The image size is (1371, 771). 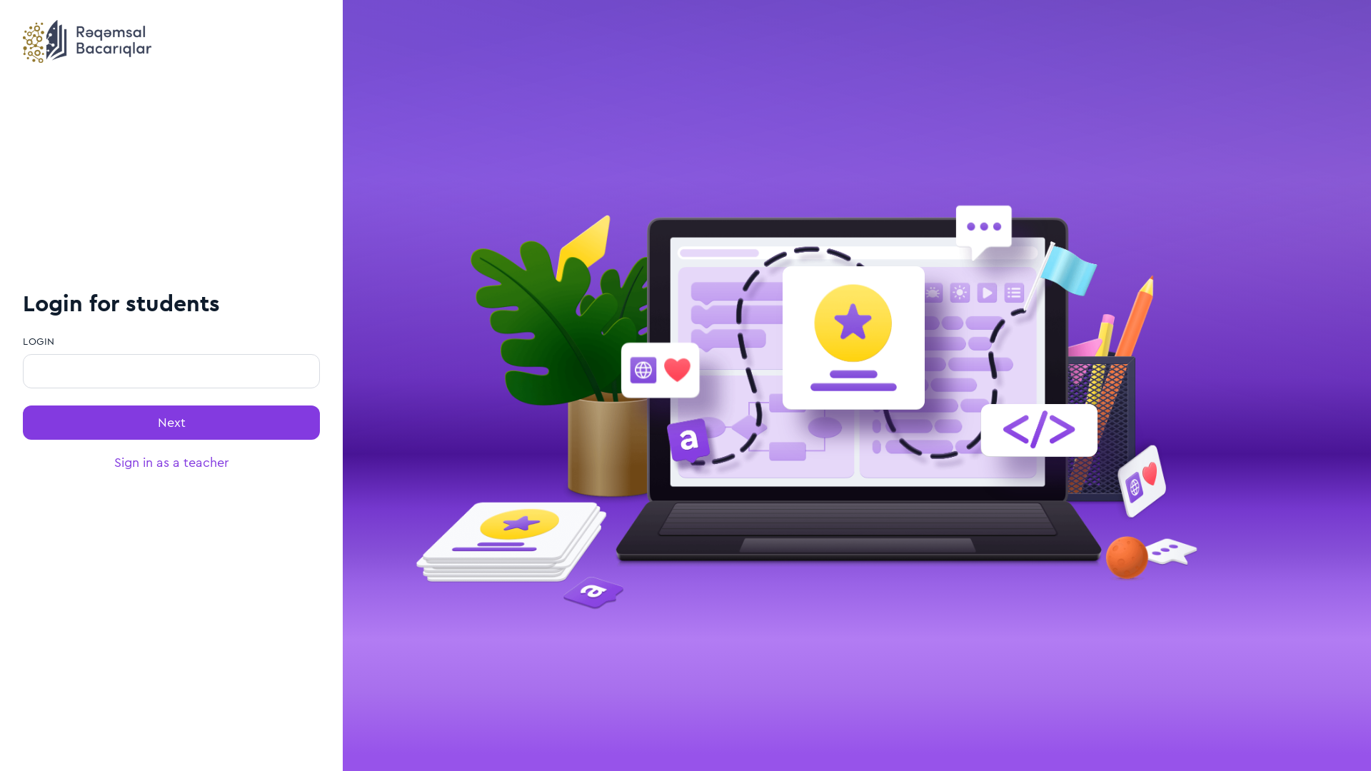 What do you see at coordinates (171, 421) in the screenshot?
I see `'Next'` at bounding box center [171, 421].